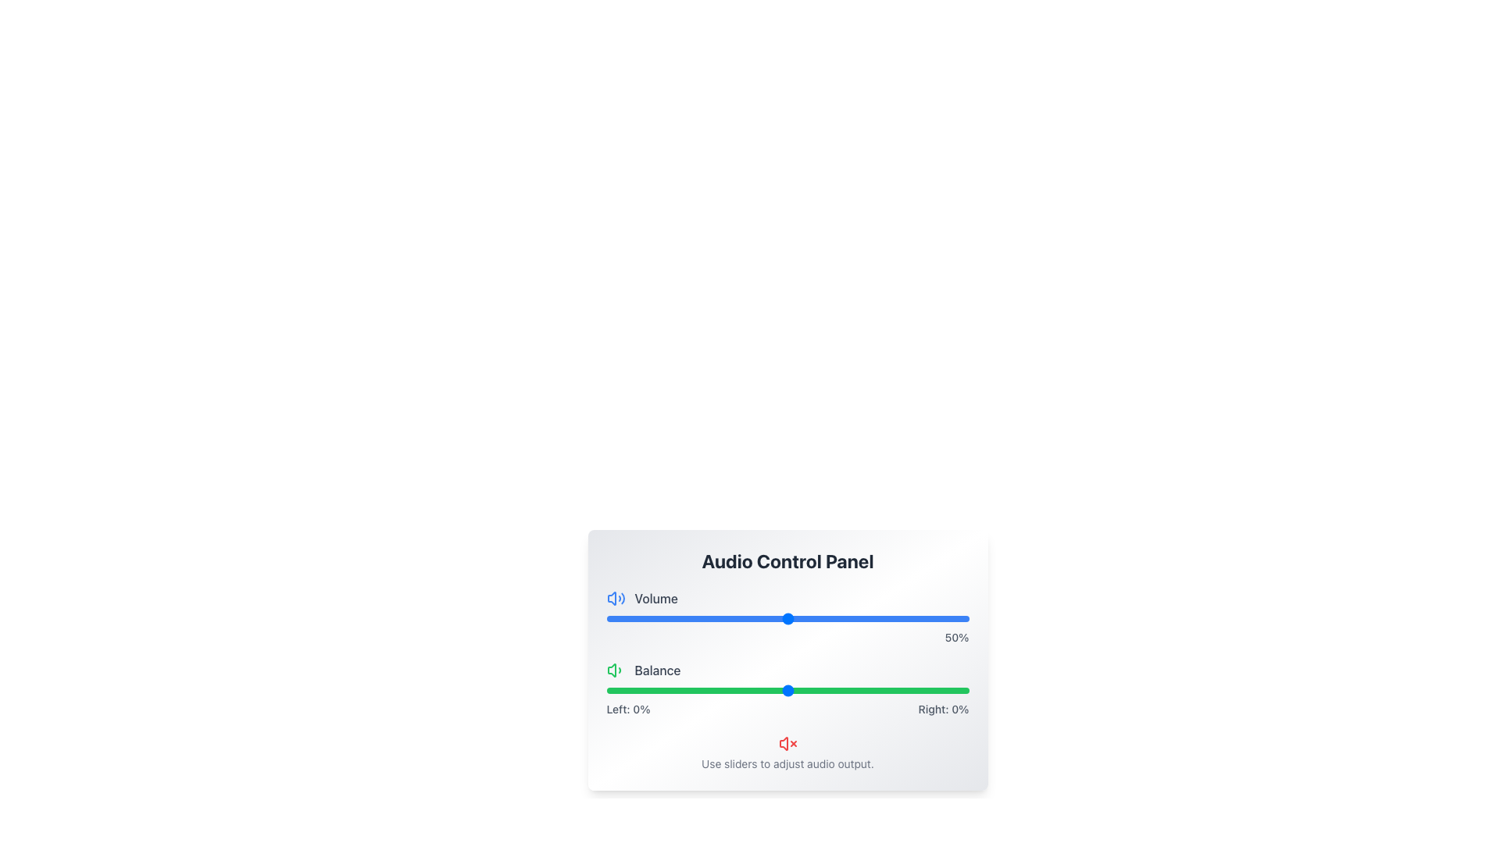 The width and height of the screenshot is (1500, 843). Describe the element at coordinates (615, 598) in the screenshot. I see `the blue speaker icon with sound waves located to the left of the 'Volume' text label in the audio control panel` at that location.